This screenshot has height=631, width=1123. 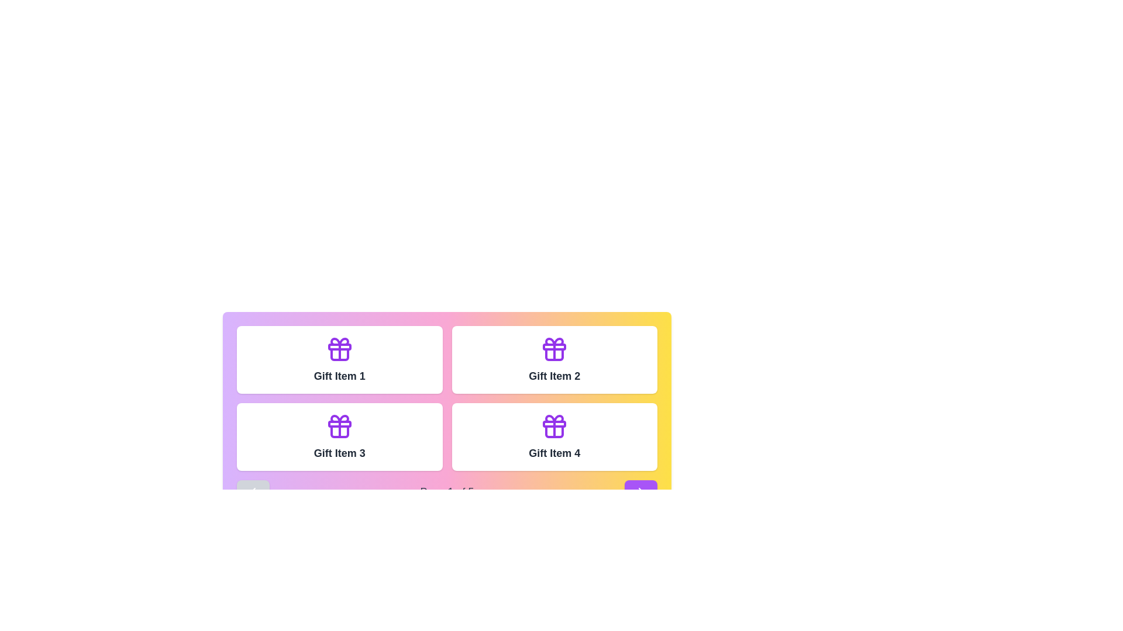 What do you see at coordinates (339, 418) in the screenshot?
I see `the top decorative bow of the gift icon located in the lower left position of the third card in a grid layout, above the 'Gift Item 3' label` at bounding box center [339, 418].